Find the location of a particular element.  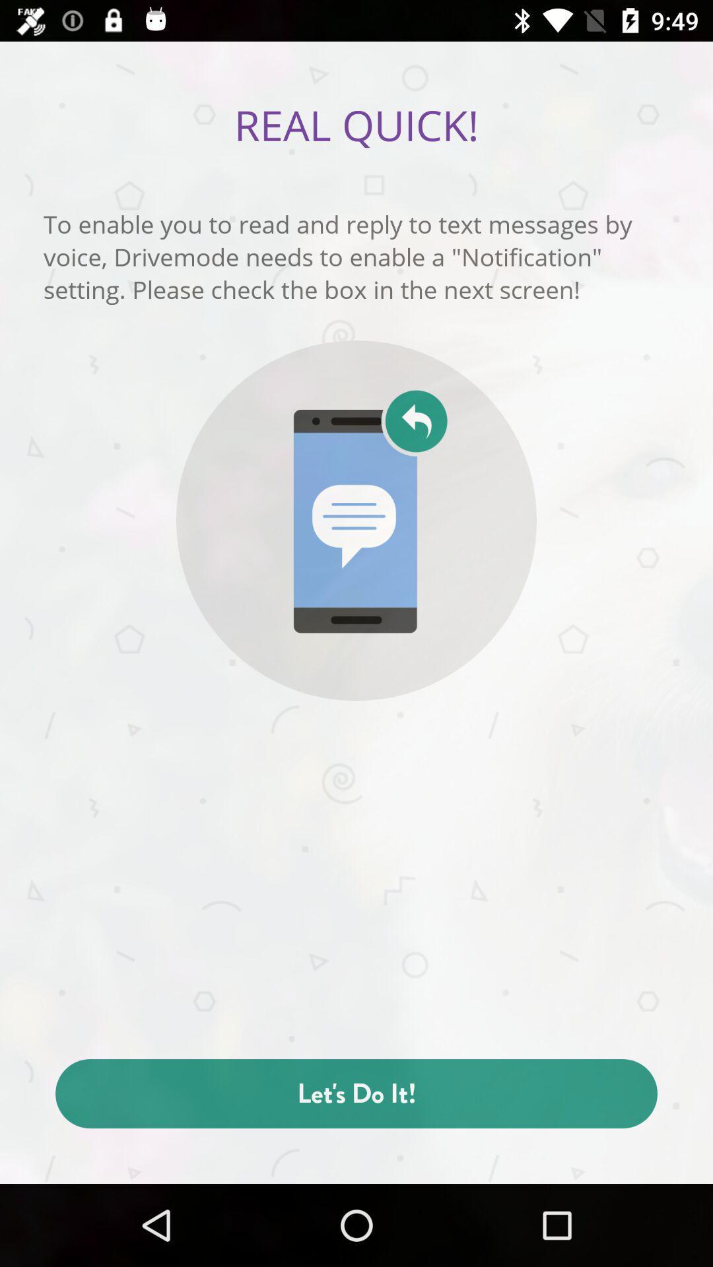

let s do item is located at coordinates (356, 1093).